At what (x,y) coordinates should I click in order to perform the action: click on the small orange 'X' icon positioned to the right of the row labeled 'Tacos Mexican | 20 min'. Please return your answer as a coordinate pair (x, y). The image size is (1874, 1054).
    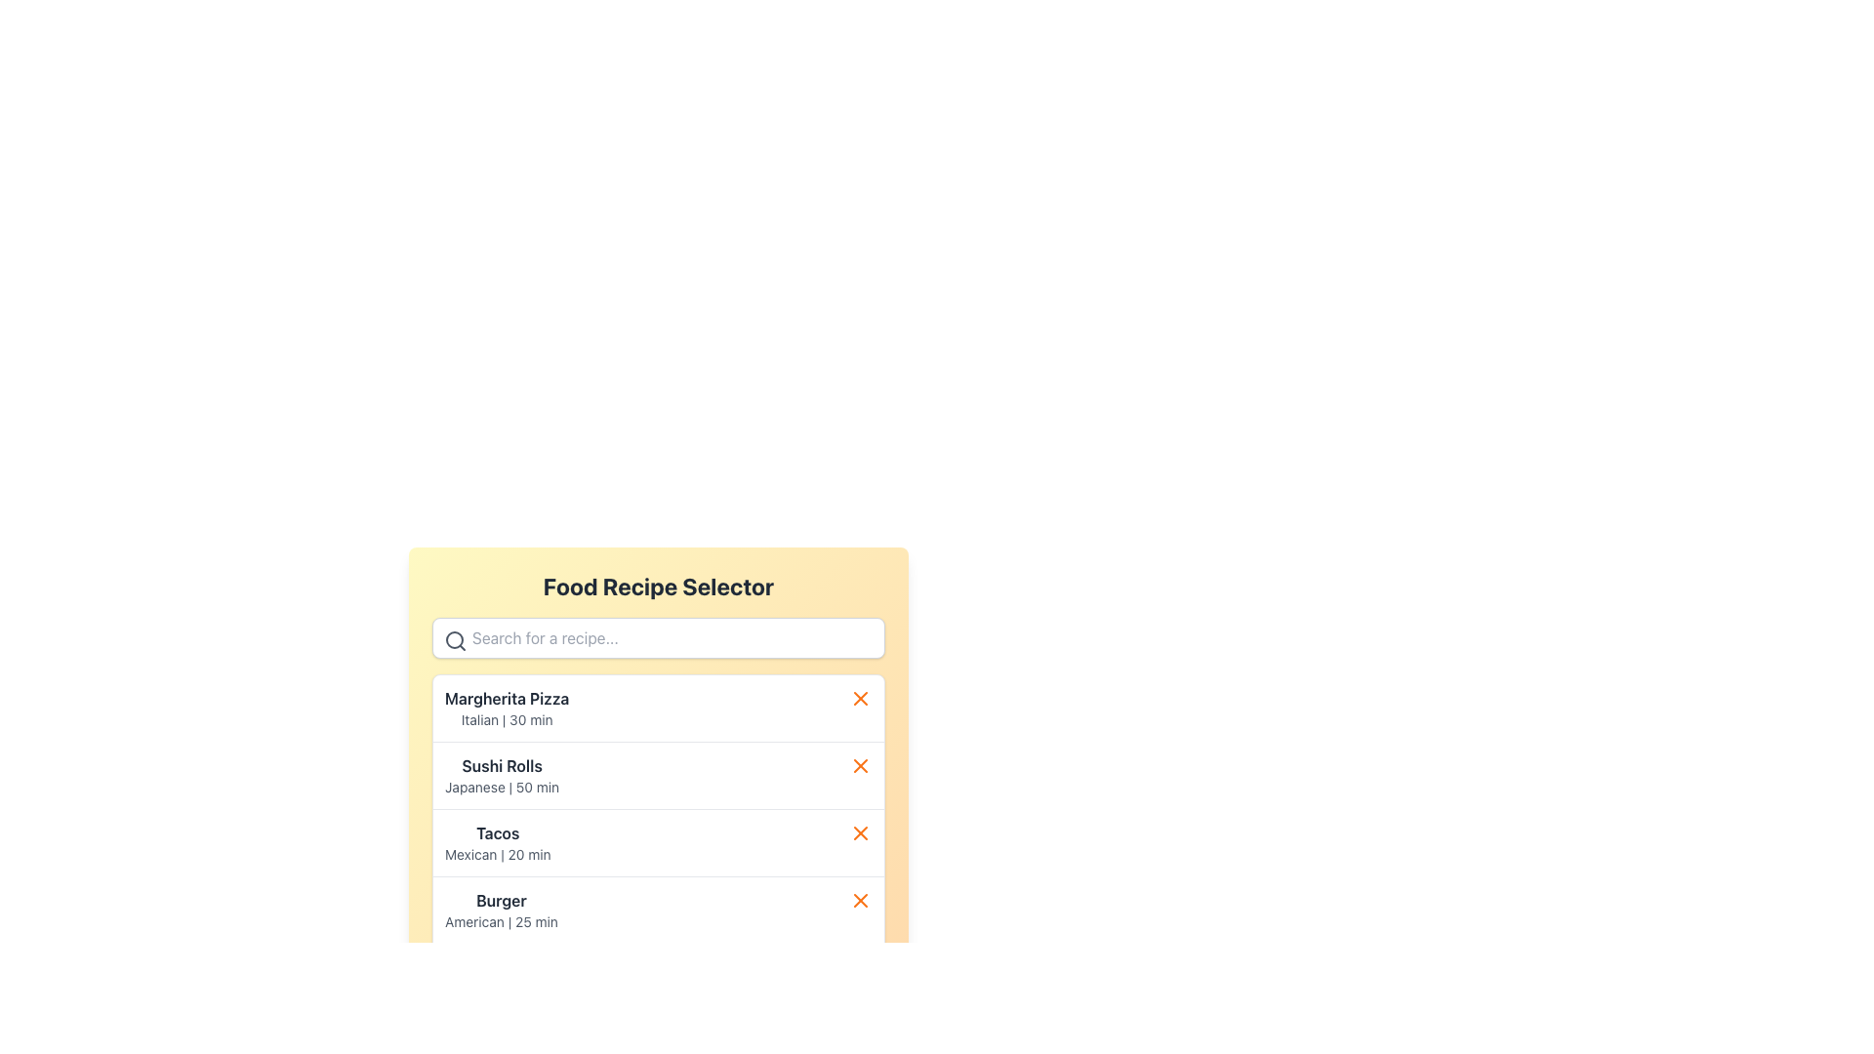
    Looking at the image, I should click on (860, 832).